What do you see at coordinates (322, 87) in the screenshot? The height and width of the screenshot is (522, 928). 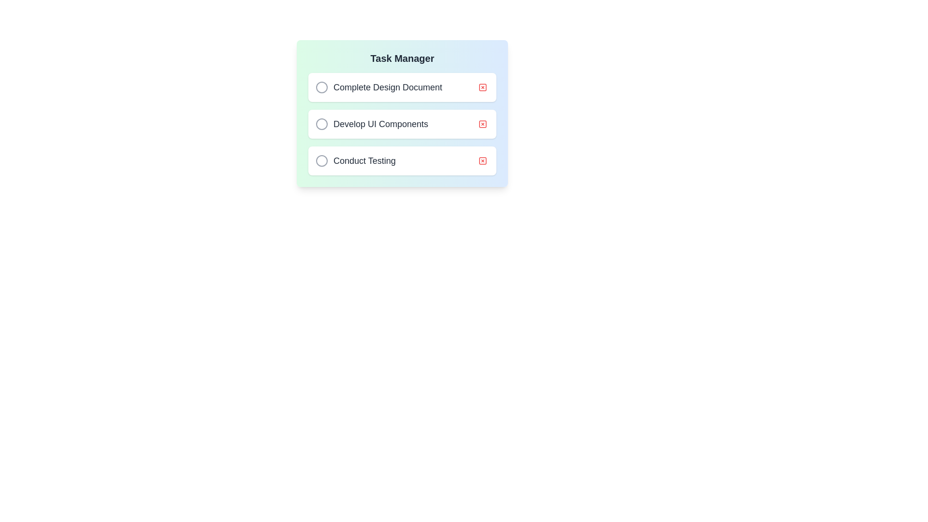 I see `the circular checkbox with a gray border, located in the 'Complete Design Document' task row` at bounding box center [322, 87].